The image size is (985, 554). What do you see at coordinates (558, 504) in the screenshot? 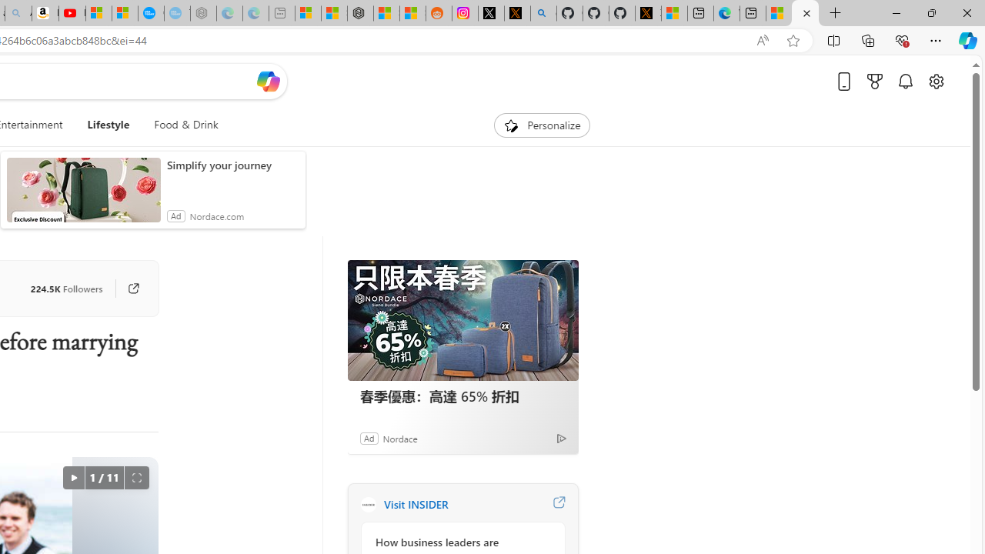
I see `'Visit INSIDER website'` at bounding box center [558, 504].